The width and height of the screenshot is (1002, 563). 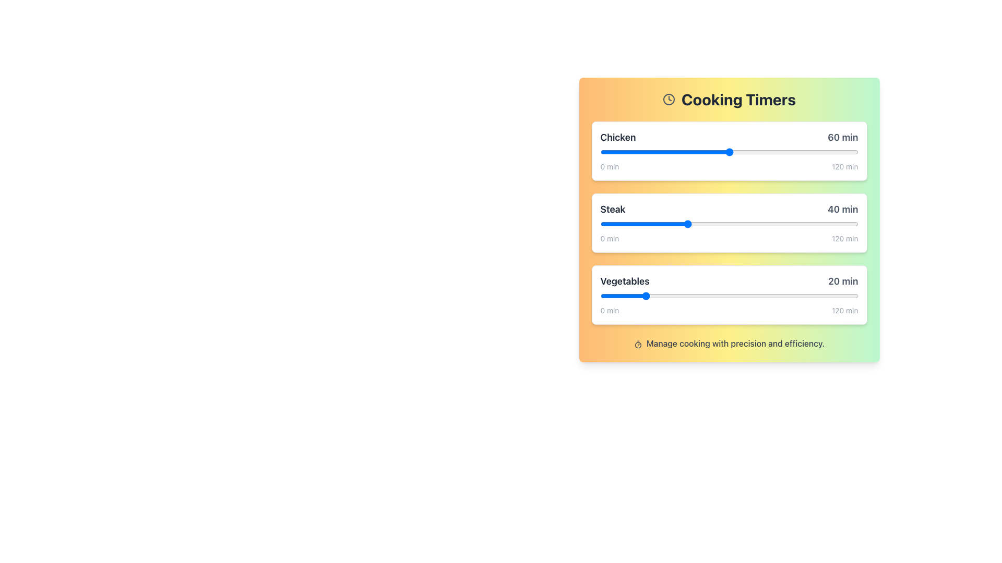 What do you see at coordinates (797, 223) in the screenshot?
I see `the timer value for the slider` at bounding box center [797, 223].